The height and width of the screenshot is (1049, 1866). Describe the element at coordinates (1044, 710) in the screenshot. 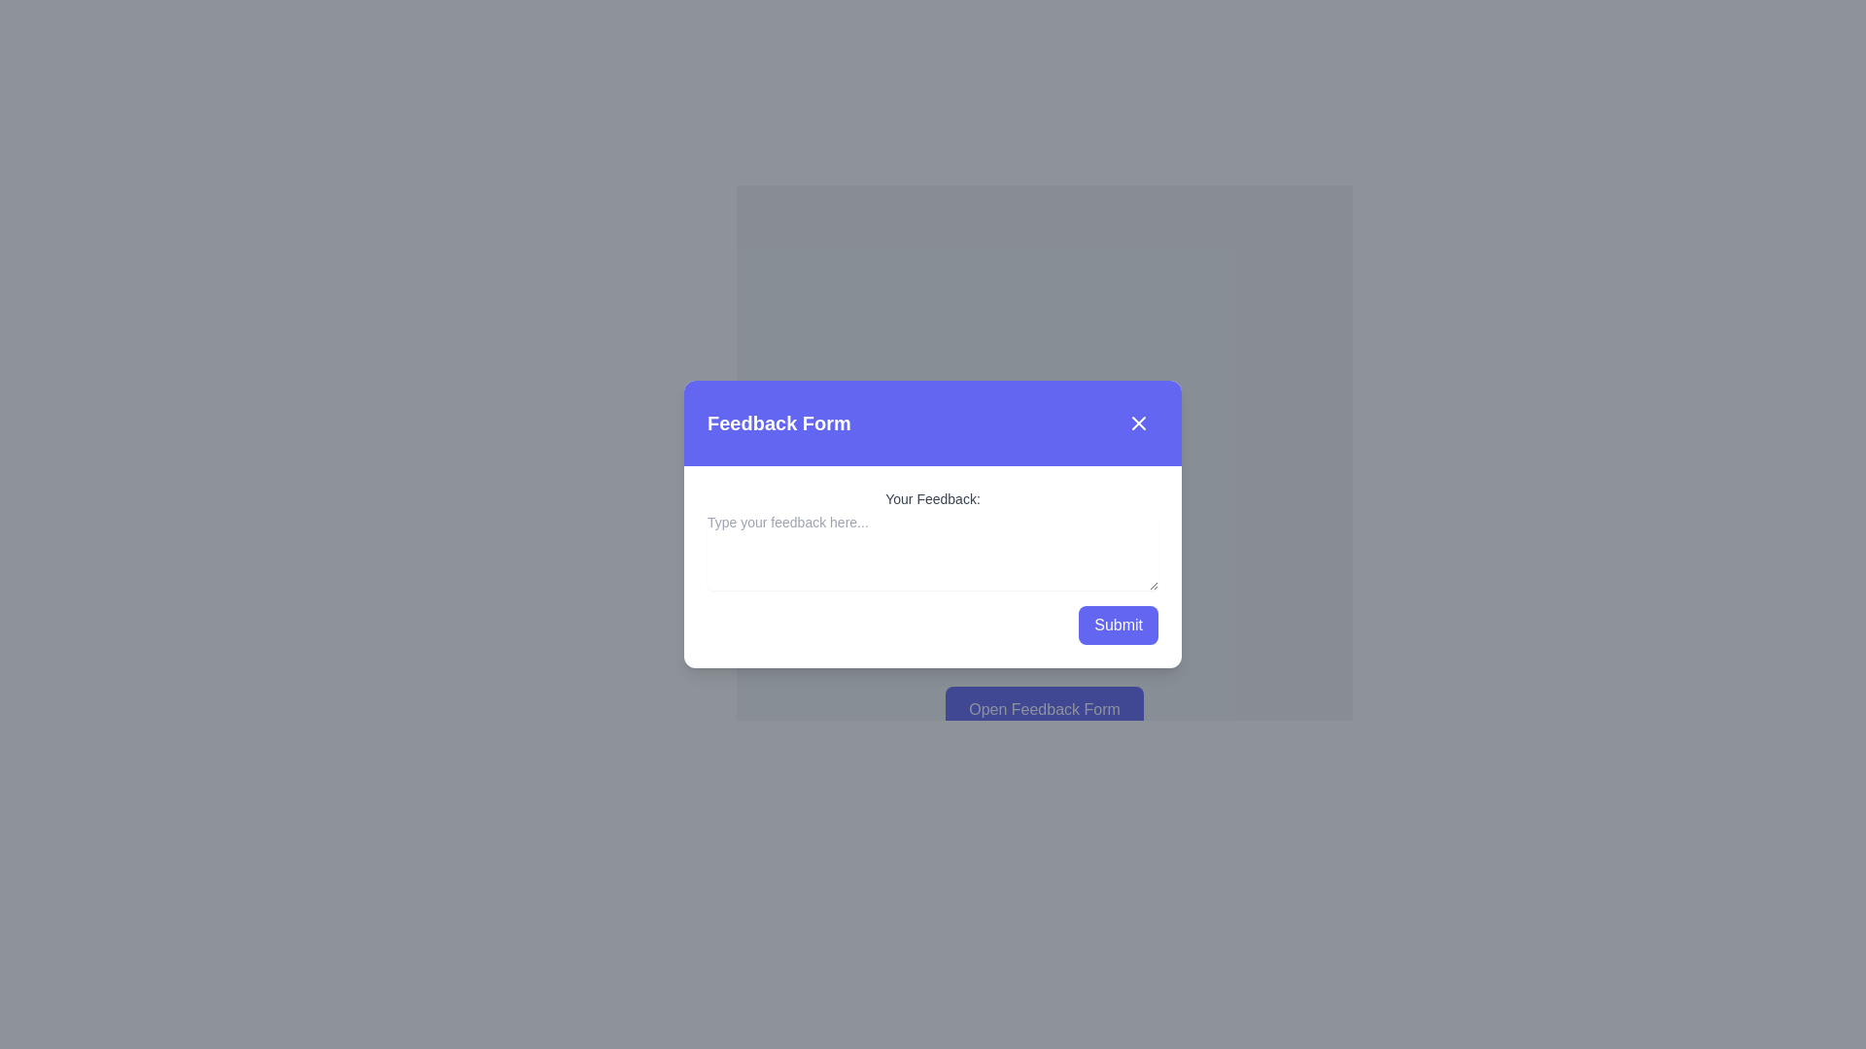

I see `the button that opens the feedback form interface, which is centered horizontally below the 'Feedback Form' dialog` at that location.